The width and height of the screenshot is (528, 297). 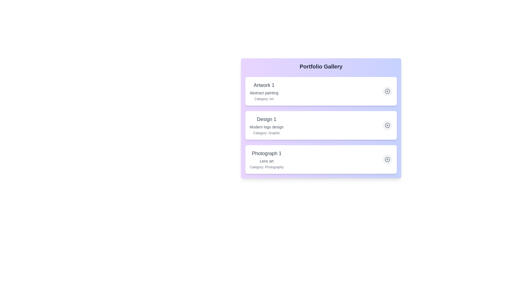 I want to click on the list item corresponding to Artwork 1, so click(x=321, y=91).